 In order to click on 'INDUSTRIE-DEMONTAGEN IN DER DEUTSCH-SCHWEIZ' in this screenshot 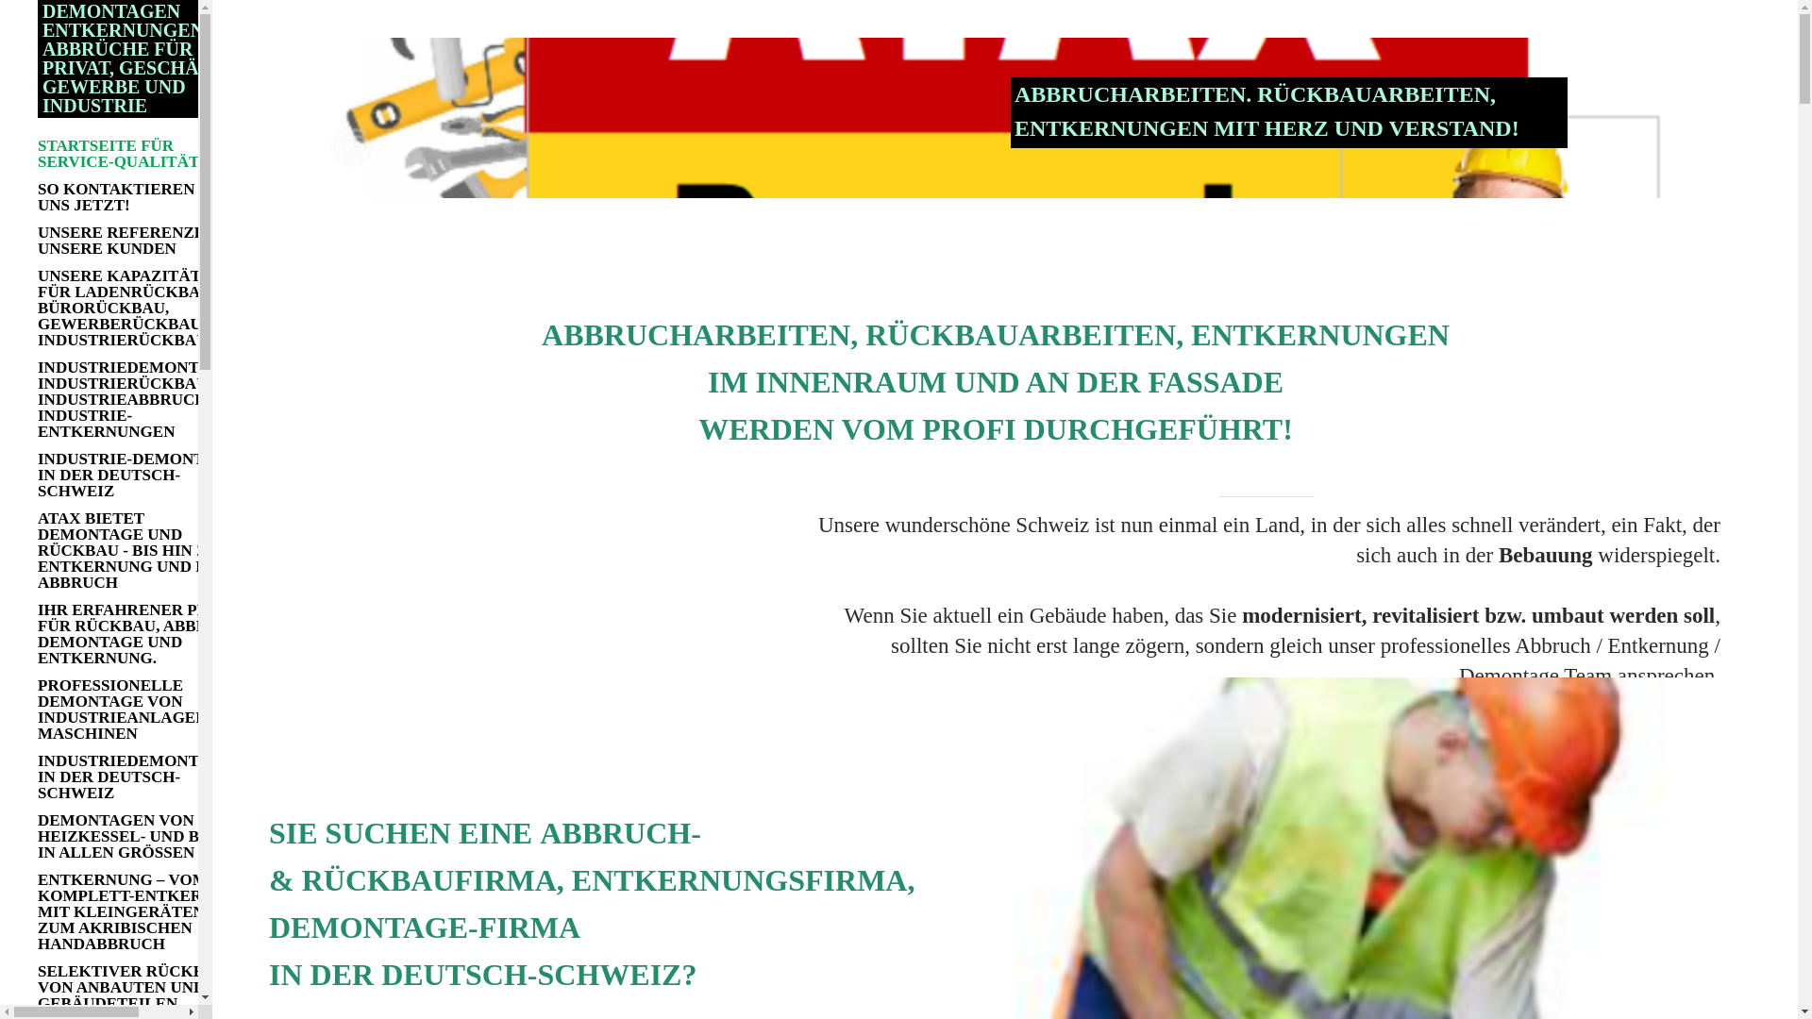, I will do `click(143, 474)`.